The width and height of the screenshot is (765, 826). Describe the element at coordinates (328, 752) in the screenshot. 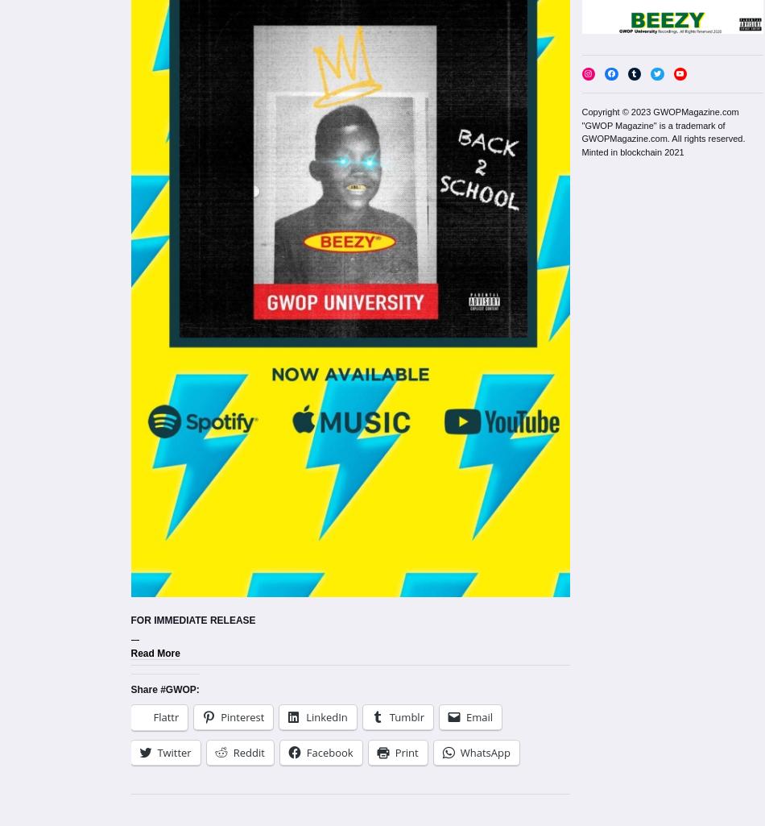

I see `'Facebook'` at that location.